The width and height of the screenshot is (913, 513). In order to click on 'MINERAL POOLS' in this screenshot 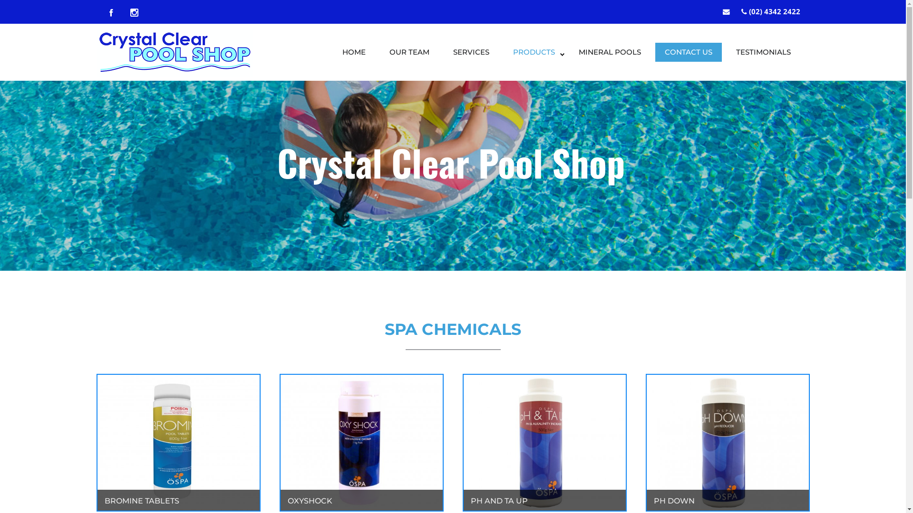, I will do `click(568, 55)`.